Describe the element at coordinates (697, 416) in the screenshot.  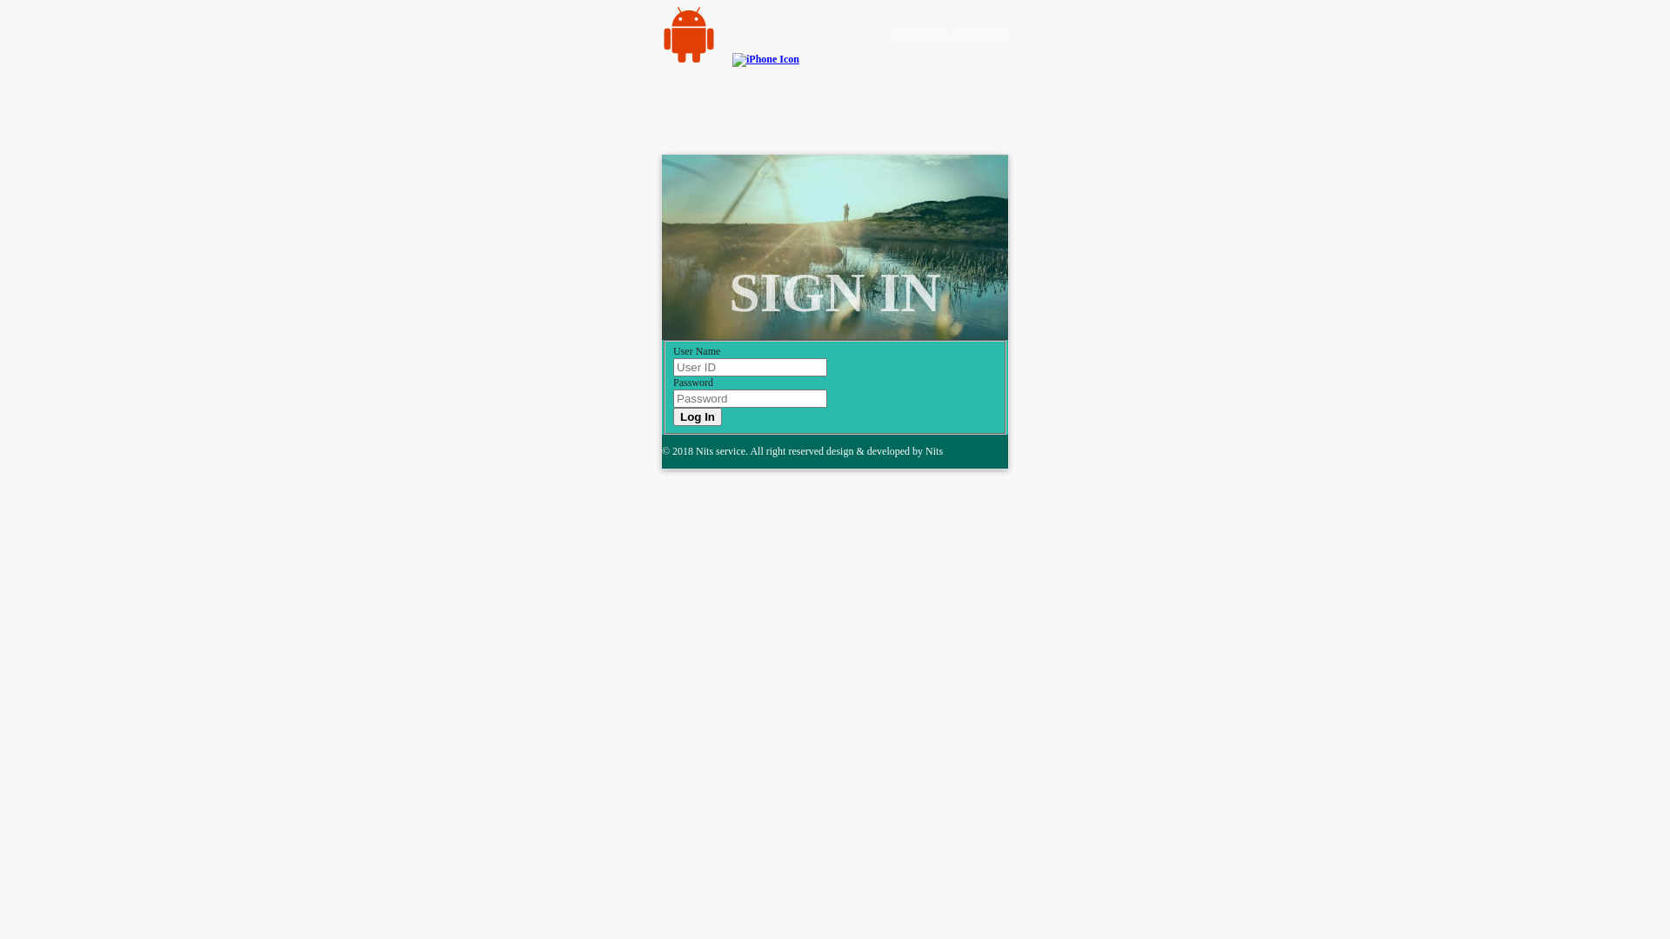
I see `'Log In'` at that location.